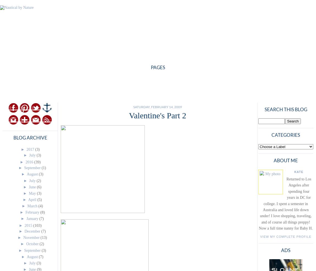 The image size is (316, 271). Describe the element at coordinates (157, 115) in the screenshot. I see `'Valentine's Part 2'` at that location.